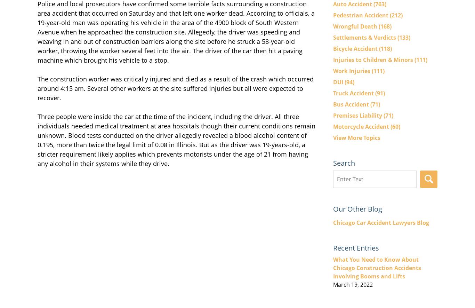  I want to click on 'March 19, 2022', so click(353, 284).